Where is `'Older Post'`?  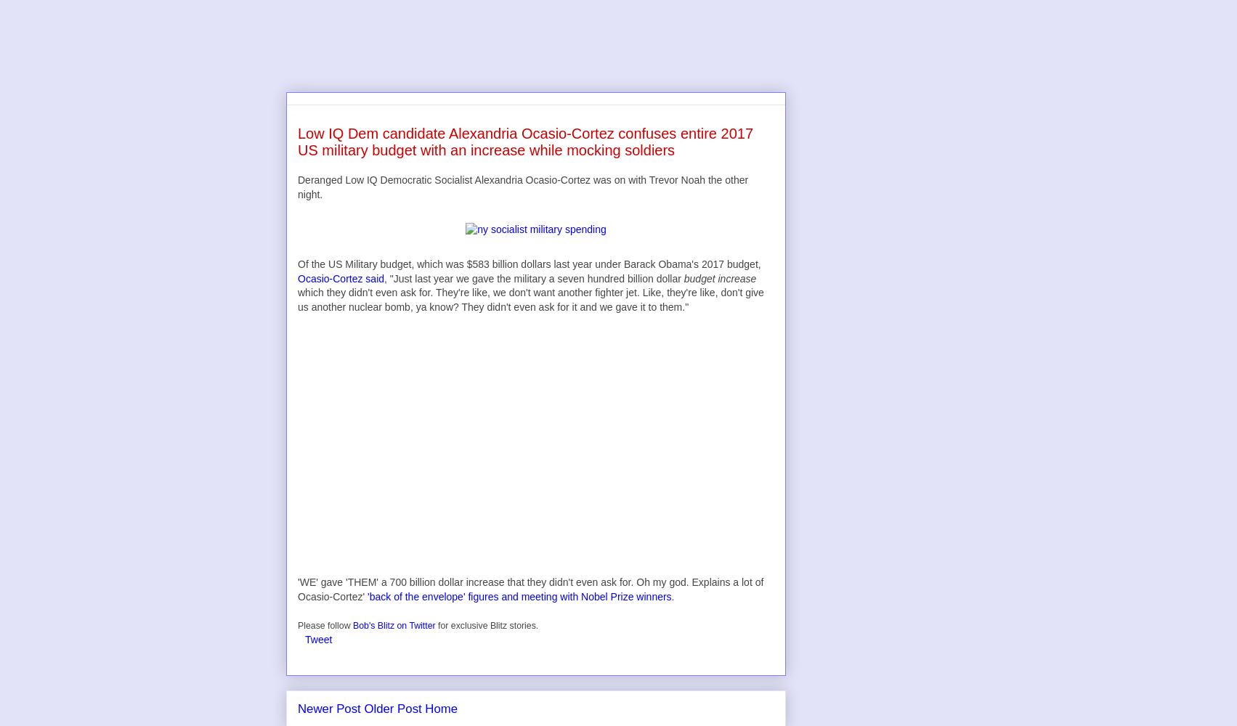
'Older Post' is located at coordinates (392, 707).